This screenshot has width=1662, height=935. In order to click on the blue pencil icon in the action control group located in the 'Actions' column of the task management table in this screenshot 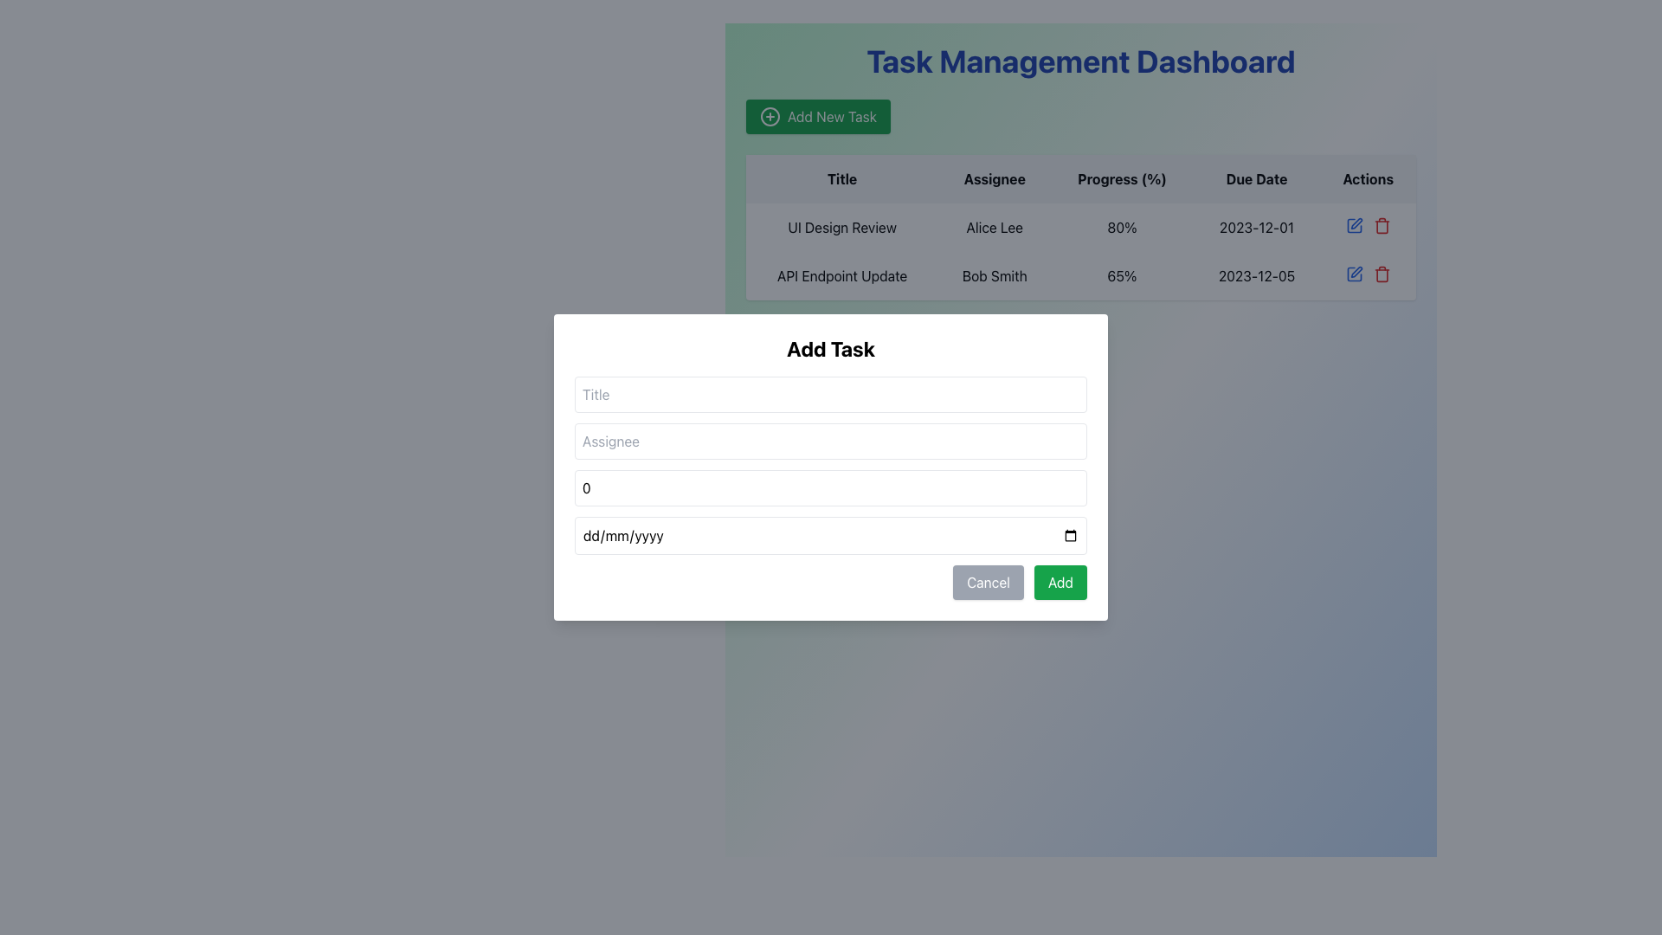, I will do `click(1367, 225)`.